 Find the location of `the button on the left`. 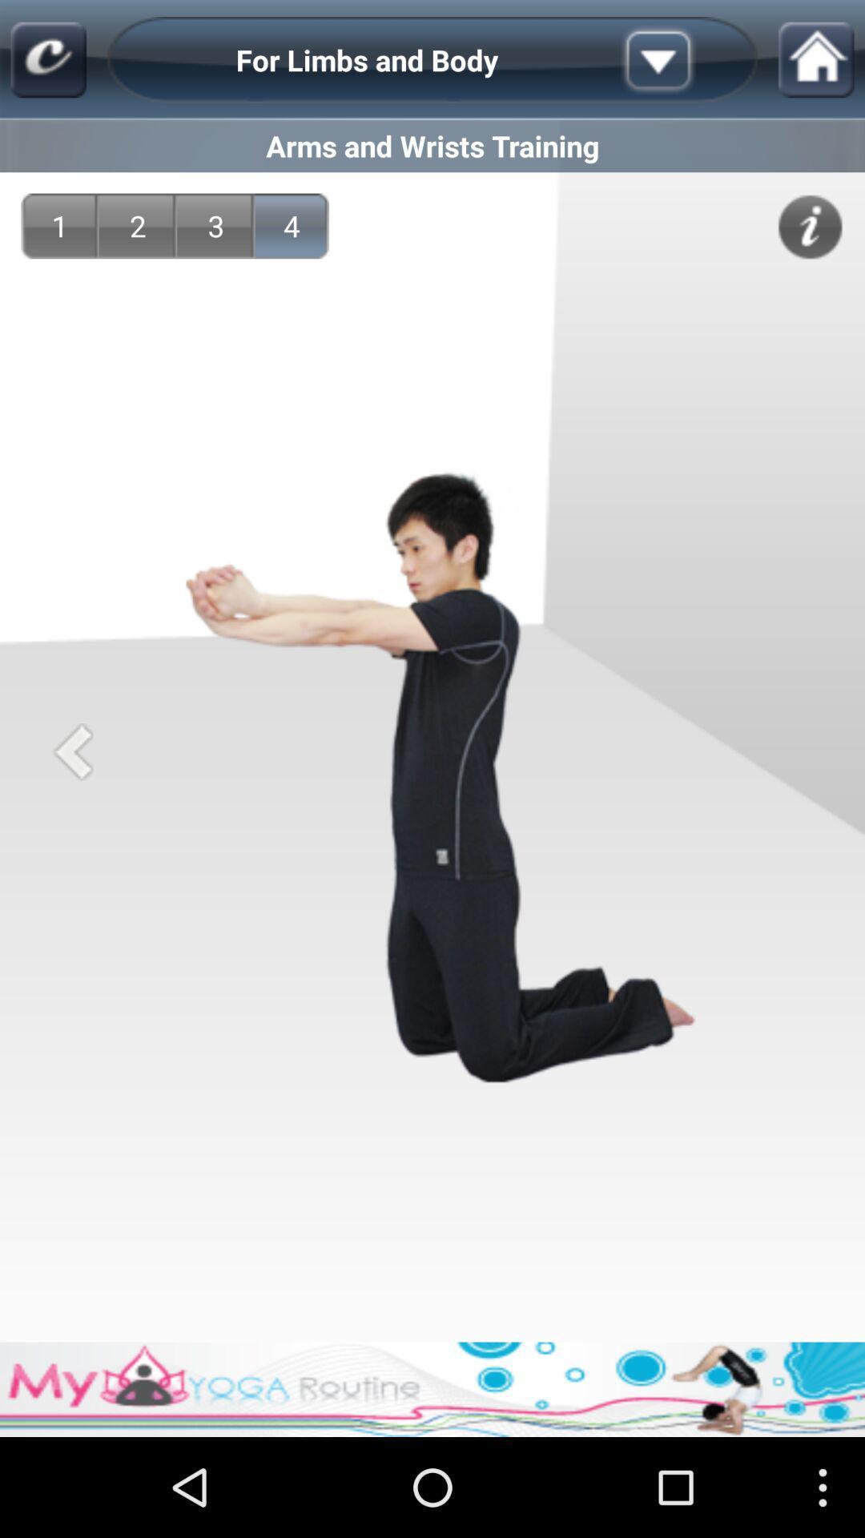

the button on the left is located at coordinates (73, 751).